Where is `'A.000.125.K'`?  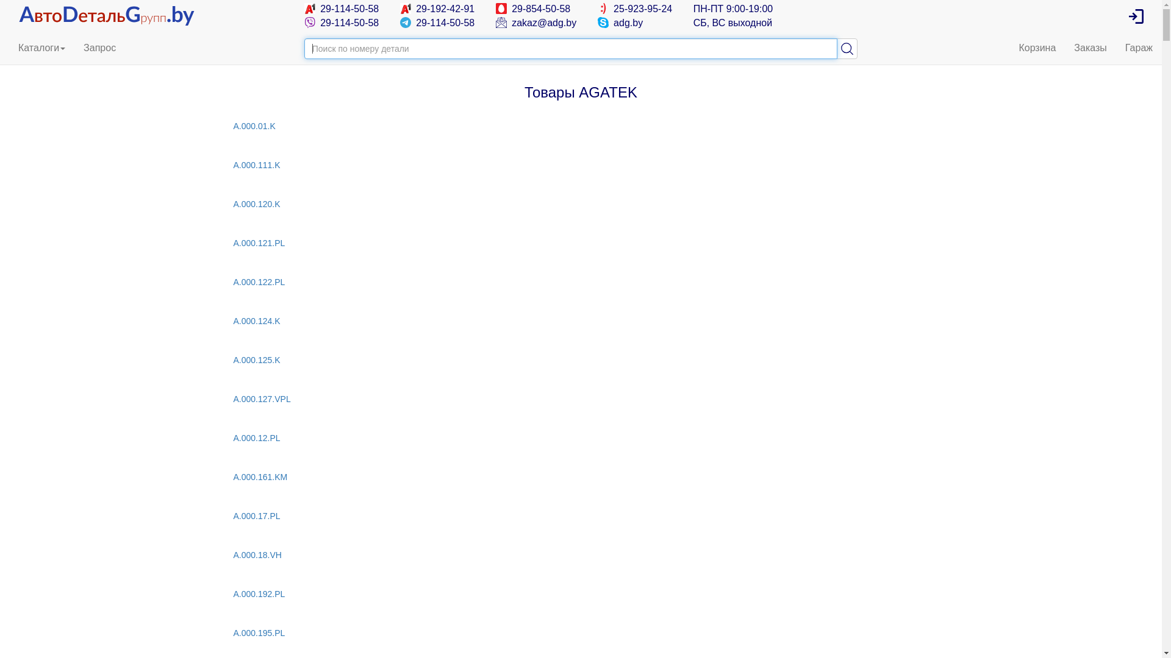 'A.000.125.K' is located at coordinates (579, 359).